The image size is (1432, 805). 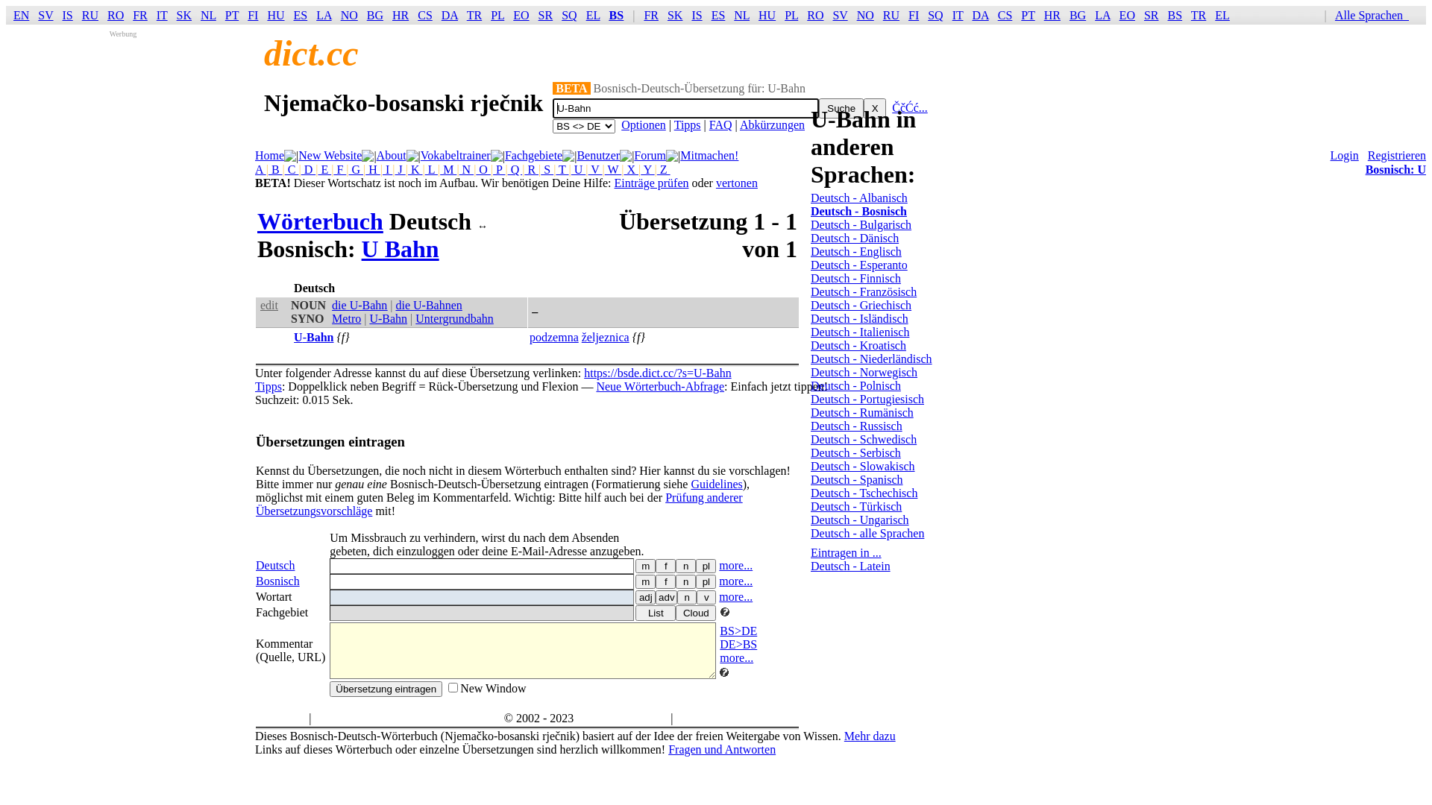 What do you see at coordinates (686, 596) in the screenshot?
I see `'n'` at bounding box center [686, 596].